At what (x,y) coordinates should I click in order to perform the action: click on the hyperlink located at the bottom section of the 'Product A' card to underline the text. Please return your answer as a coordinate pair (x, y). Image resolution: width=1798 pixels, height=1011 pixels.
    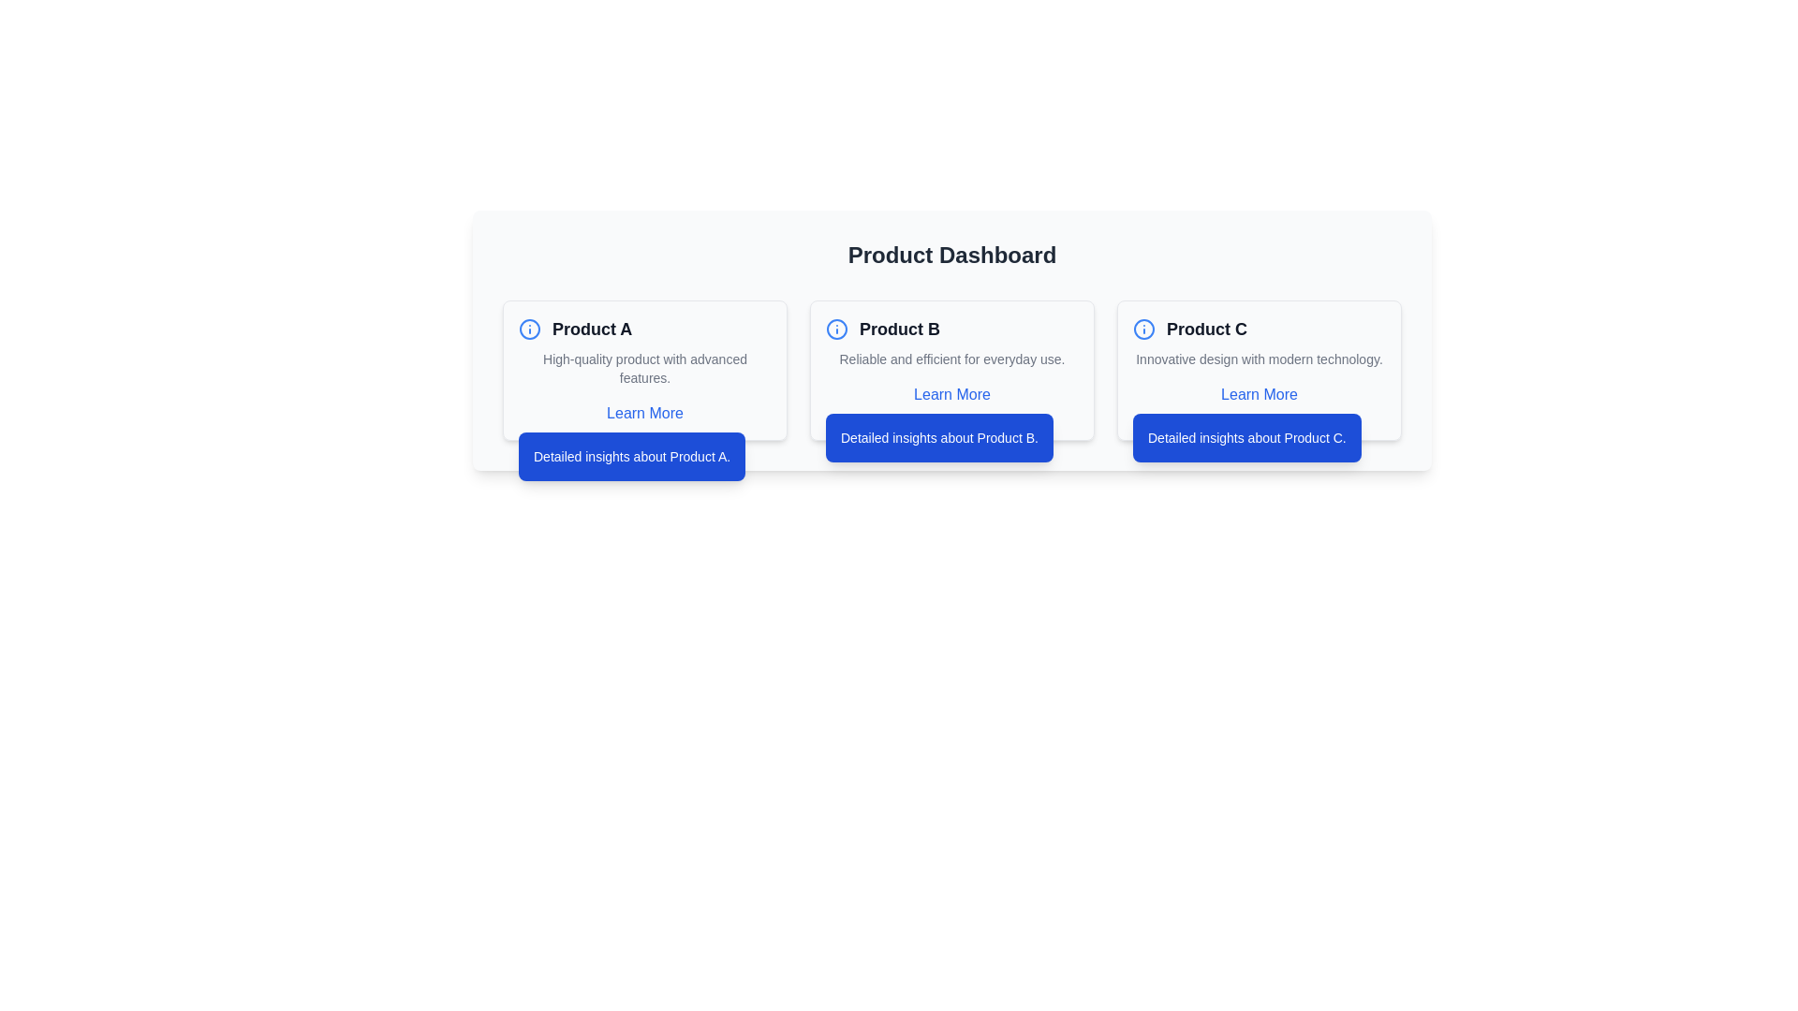
    Looking at the image, I should click on (645, 413).